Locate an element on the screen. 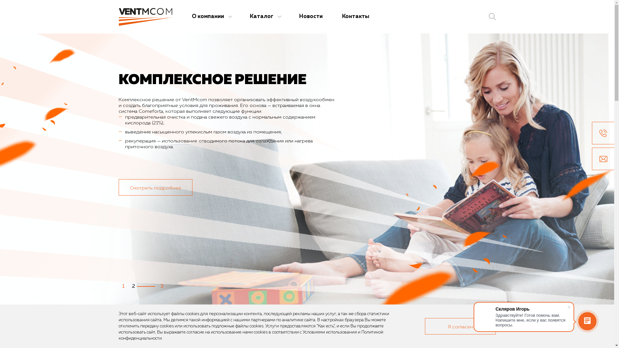 Image resolution: width=619 pixels, height=348 pixels. 'ventmcom.ru' is located at coordinates (145, 16).